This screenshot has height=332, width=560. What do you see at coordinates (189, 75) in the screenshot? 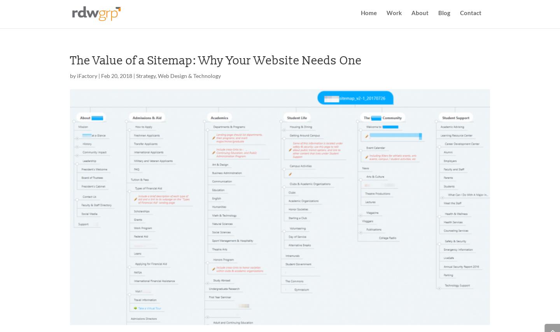
I see `'Web Design & Technology'` at bounding box center [189, 75].